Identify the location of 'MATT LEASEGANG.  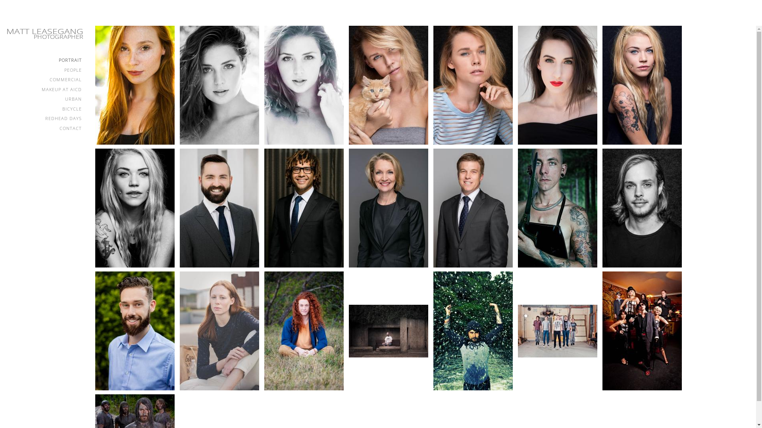
(4, 33).